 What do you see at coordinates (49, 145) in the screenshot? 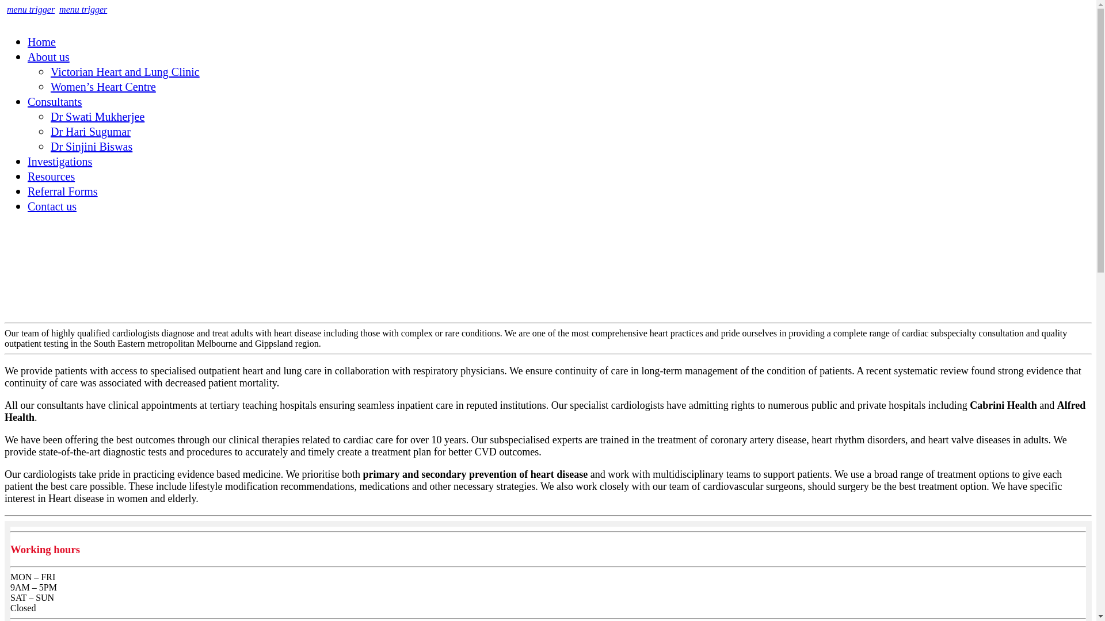
I see `'Dr Sinjini Biswas'` at bounding box center [49, 145].